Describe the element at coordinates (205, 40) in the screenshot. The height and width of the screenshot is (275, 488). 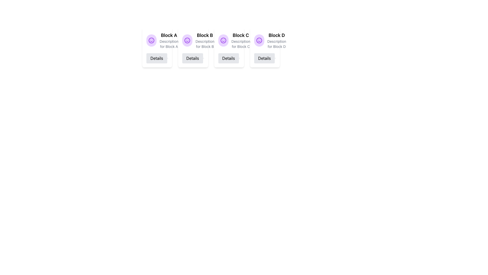
I see `label and description of the Text Label for 'Block B', which is the second item in a horizontal sequence of blocks` at that location.